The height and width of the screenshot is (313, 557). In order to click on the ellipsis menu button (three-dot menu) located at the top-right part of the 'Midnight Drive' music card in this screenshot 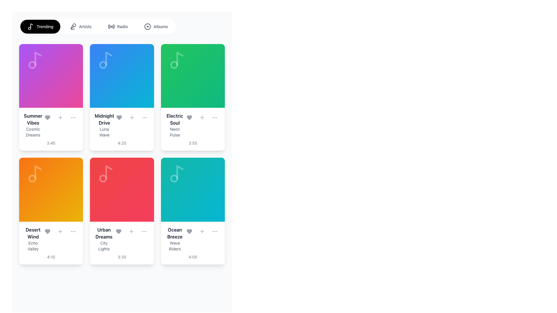, I will do `click(145, 117)`.